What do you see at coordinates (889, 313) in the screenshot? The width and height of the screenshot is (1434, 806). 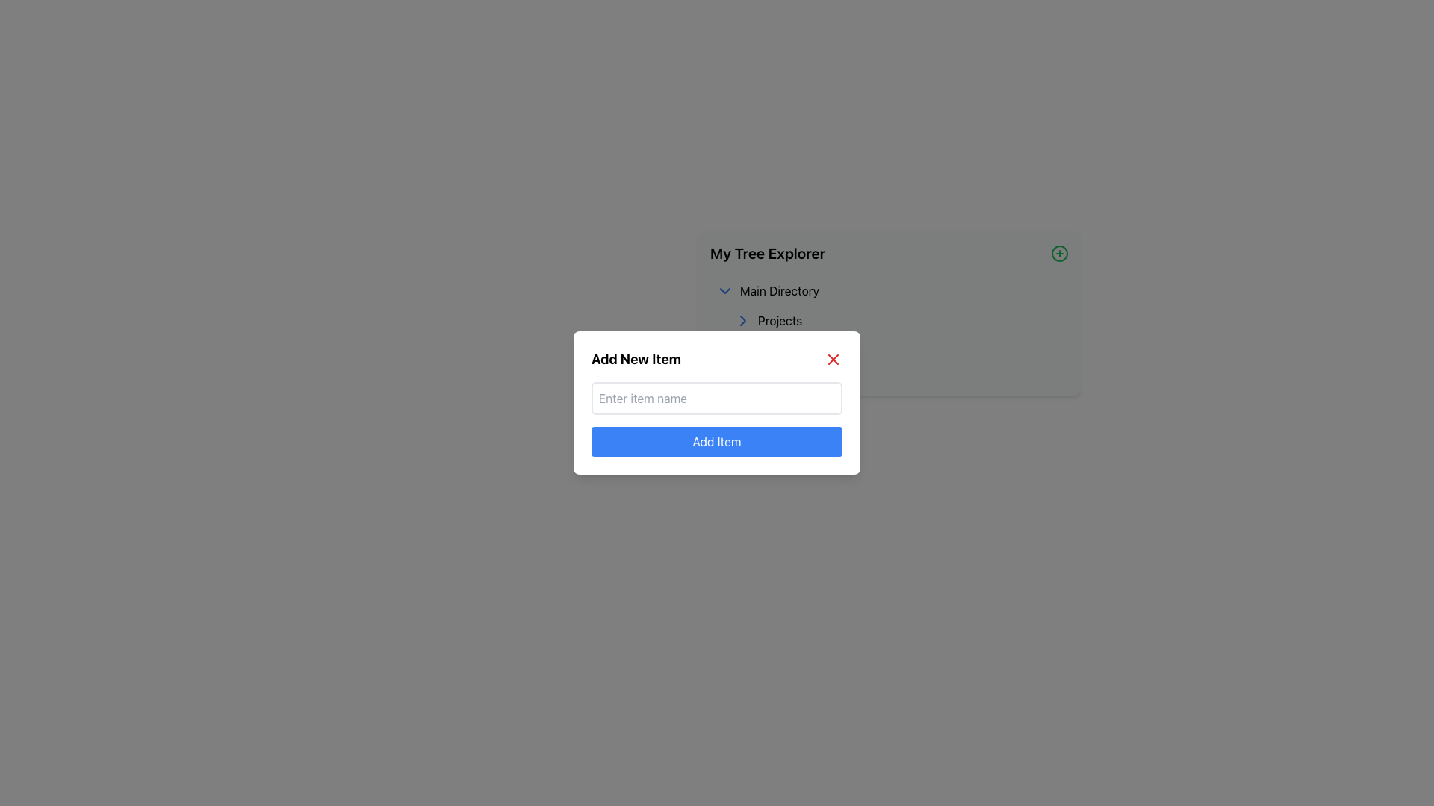 I see `items from one directory` at bounding box center [889, 313].